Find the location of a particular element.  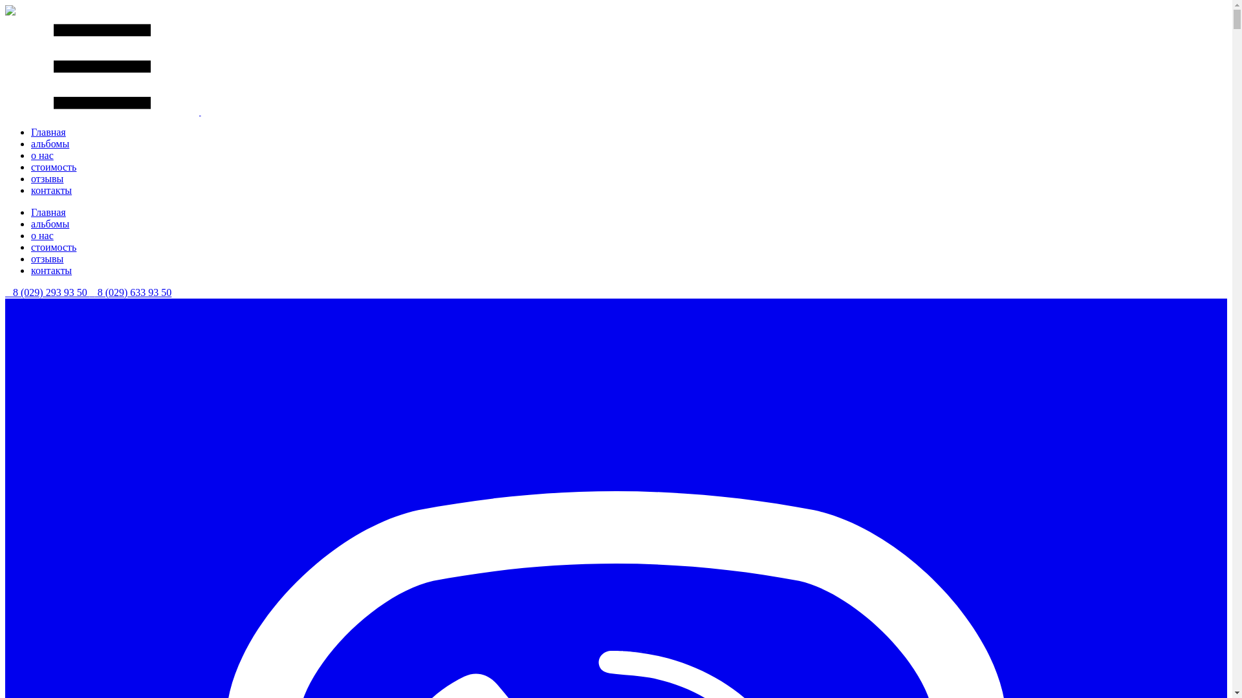

'   8 (029) 293 93 50' is located at coordinates (5, 292).